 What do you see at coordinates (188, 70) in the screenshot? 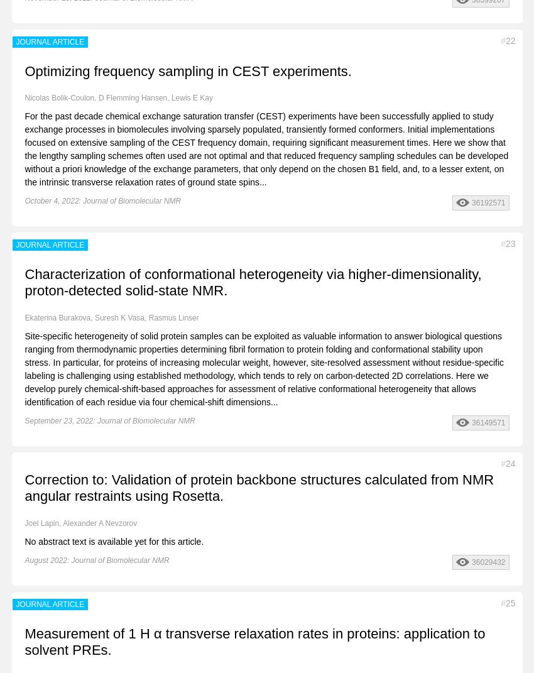
I see `'Optimizing frequency sampling in CEST experiments.'` at bounding box center [188, 70].